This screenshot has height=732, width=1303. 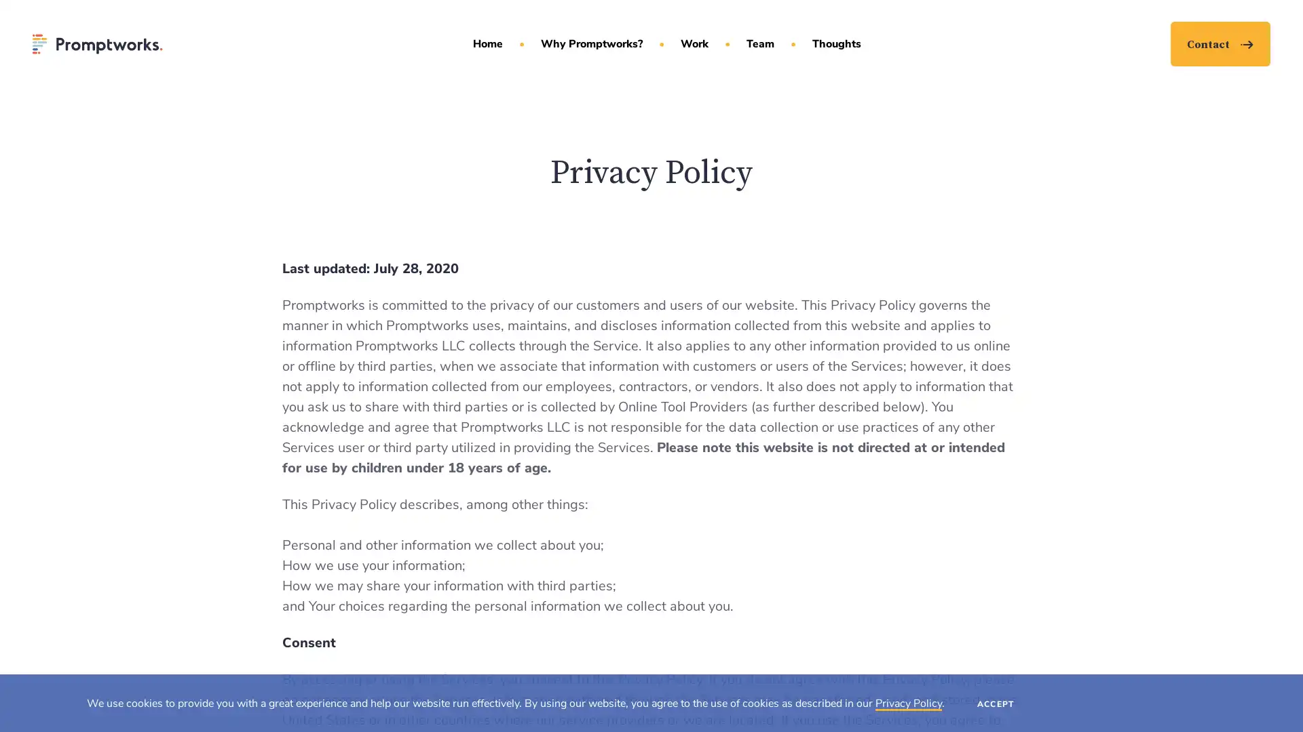 What do you see at coordinates (996, 702) in the screenshot?
I see `ACCEPT` at bounding box center [996, 702].